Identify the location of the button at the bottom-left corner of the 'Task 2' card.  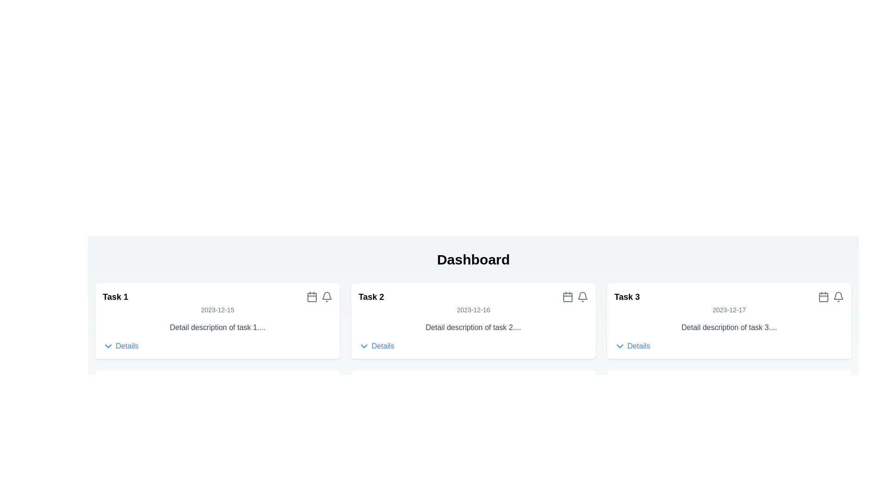
(376, 346).